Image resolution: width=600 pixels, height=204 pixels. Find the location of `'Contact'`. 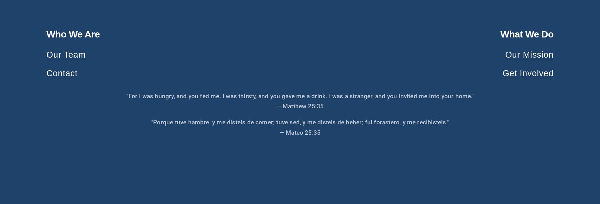

'Contact' is located at coordinates (62, 73).